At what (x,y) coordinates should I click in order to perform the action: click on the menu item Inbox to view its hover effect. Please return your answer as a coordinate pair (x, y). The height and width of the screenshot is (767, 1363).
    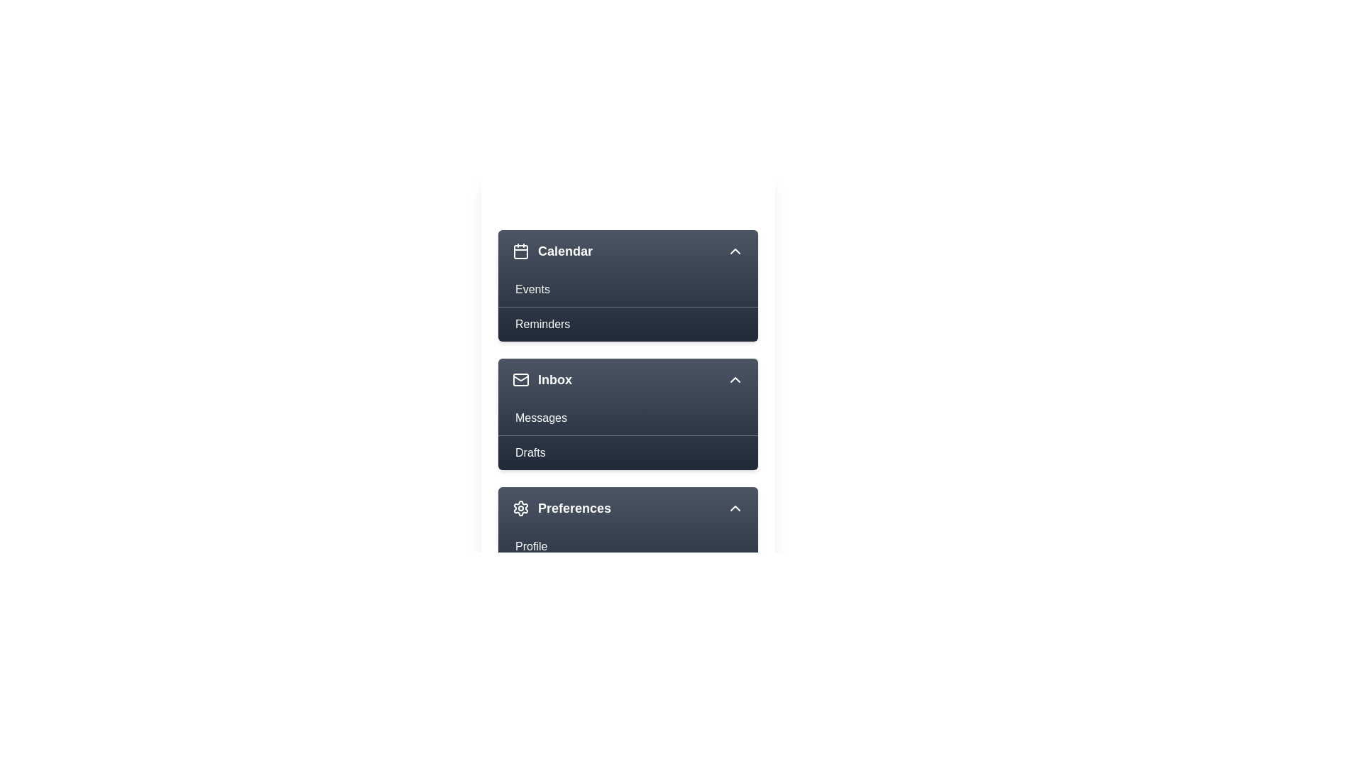
    Looking at the image, I should click on (627, 379).